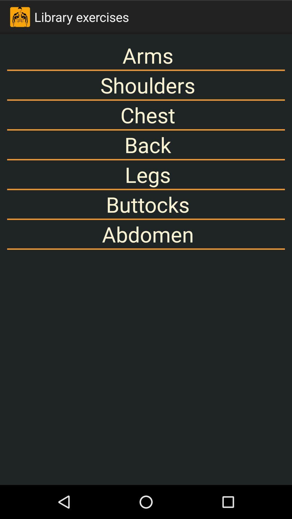  What do you see at coordinates (146, 55) in the screenshot?
I see `arms app` at bounding box center [146, 55].